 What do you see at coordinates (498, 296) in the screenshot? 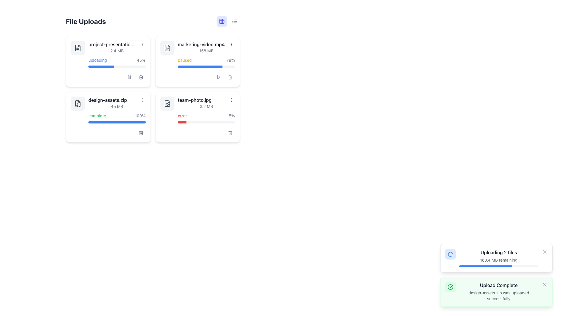
I see `message indicating that the file 'design-assets.zip' has been uploaded successfully, which is the second line of text in the notification box below 'Upload Complete'` at bounding box center [498, 296].